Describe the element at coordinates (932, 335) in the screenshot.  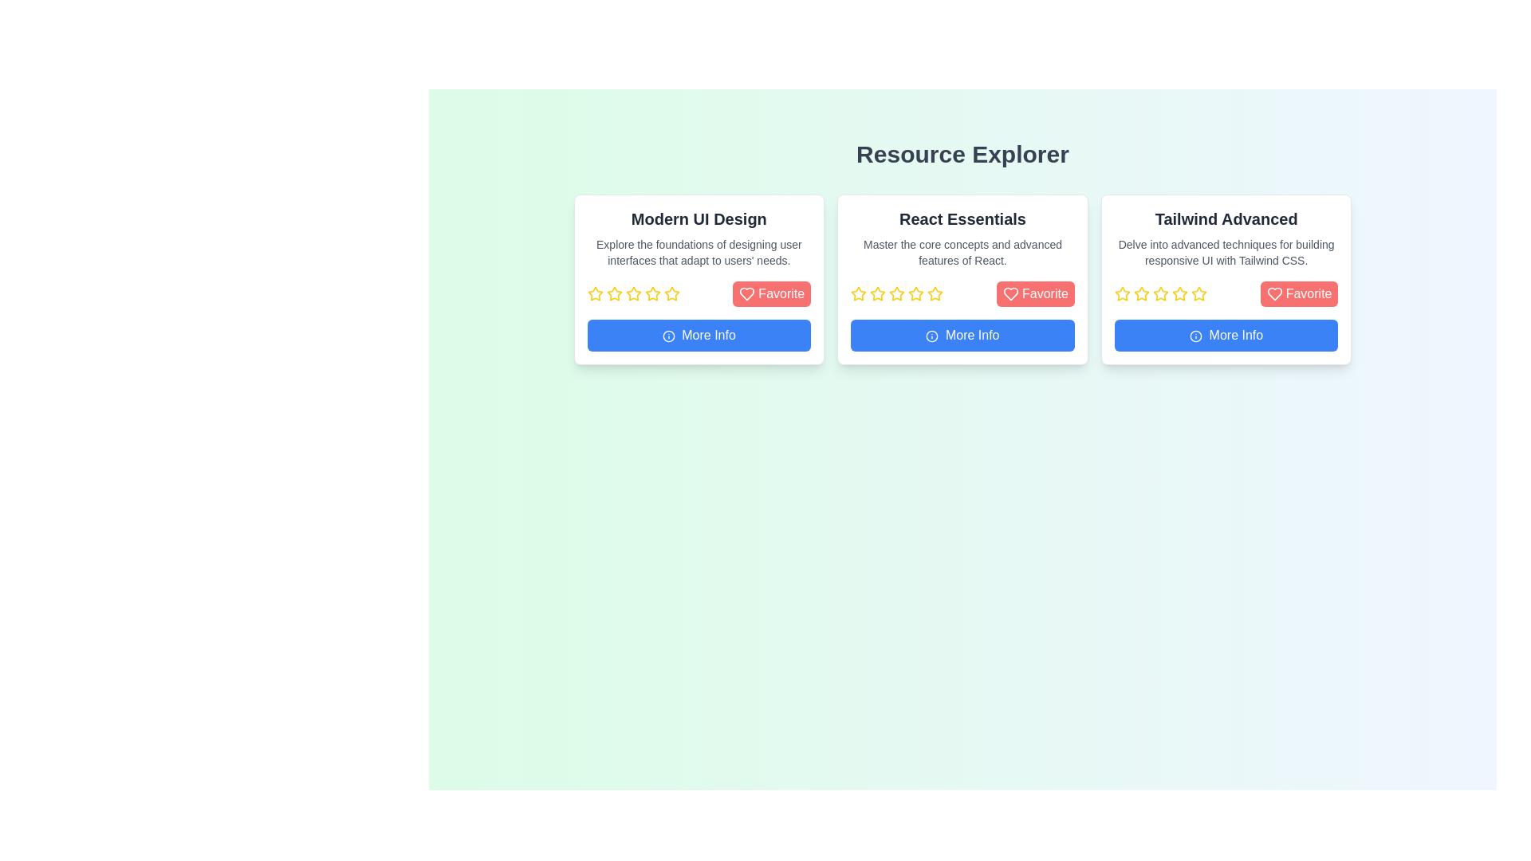
I see `the circular 'i' icon within the 'More Info' button of the 'React Essentials' card, which features a blue background and is styled with clean, minimal strokes` at that location.